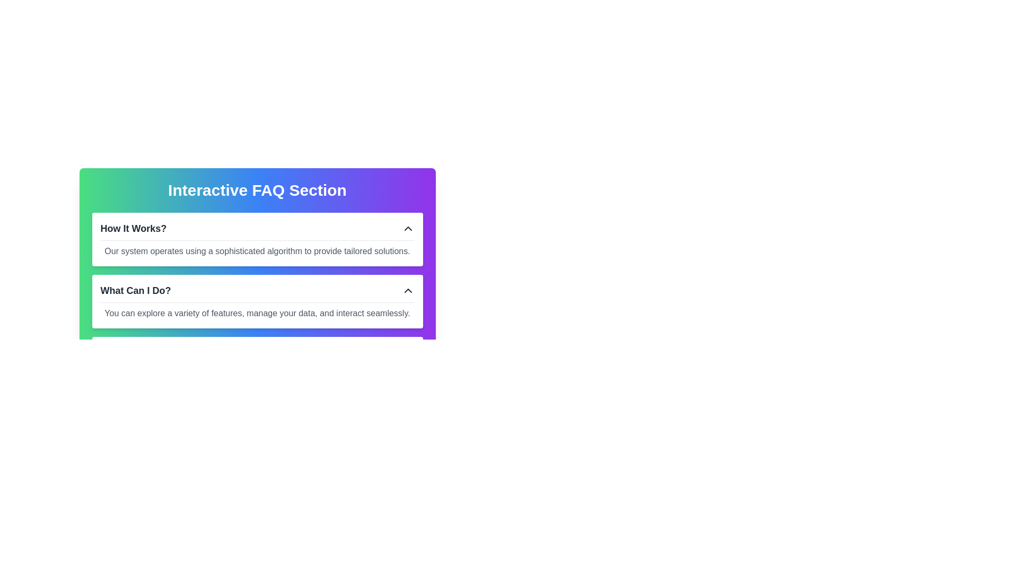  Describe the element at coordinates (257, 301) in the screenshot. I see `the second Information block in the FAQ section, located between 'How It Works?' and 'Need More Help?'` at that location.